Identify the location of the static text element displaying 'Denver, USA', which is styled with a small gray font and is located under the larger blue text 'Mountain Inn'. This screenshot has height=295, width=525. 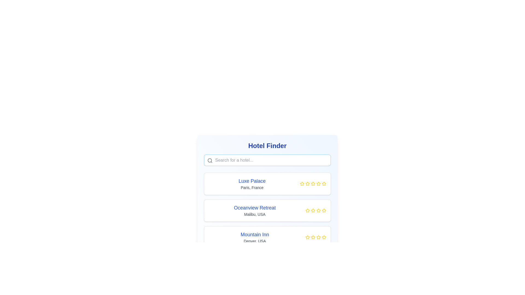
(254, 241).